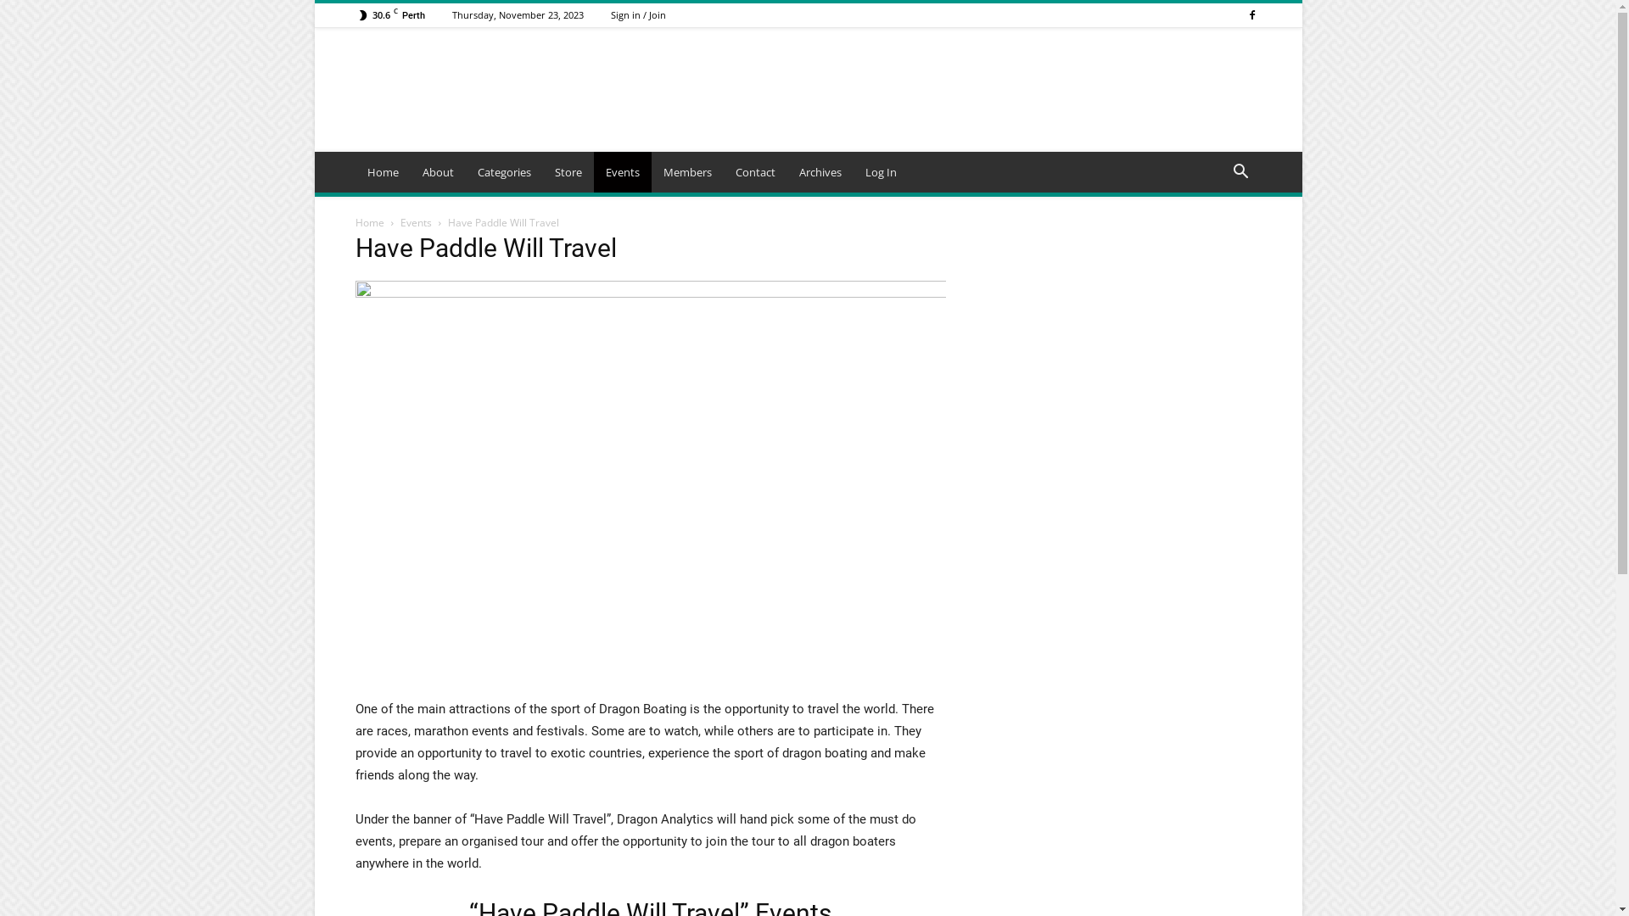 This screenshot has height=916, width=1629. I want to click on 'Home', so click(381, 172).